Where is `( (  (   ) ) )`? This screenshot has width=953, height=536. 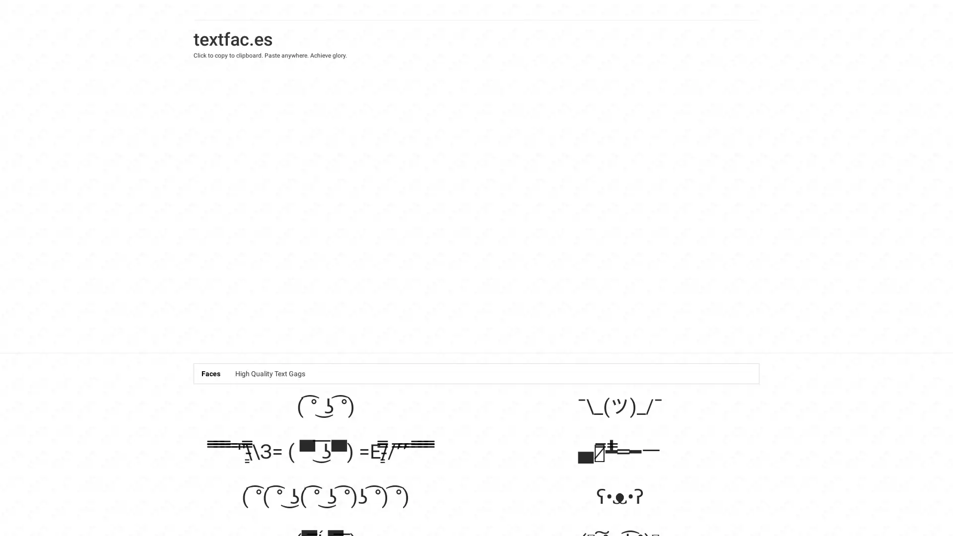 ( (  (   ) ) ) is located at coordinates (326, 496).